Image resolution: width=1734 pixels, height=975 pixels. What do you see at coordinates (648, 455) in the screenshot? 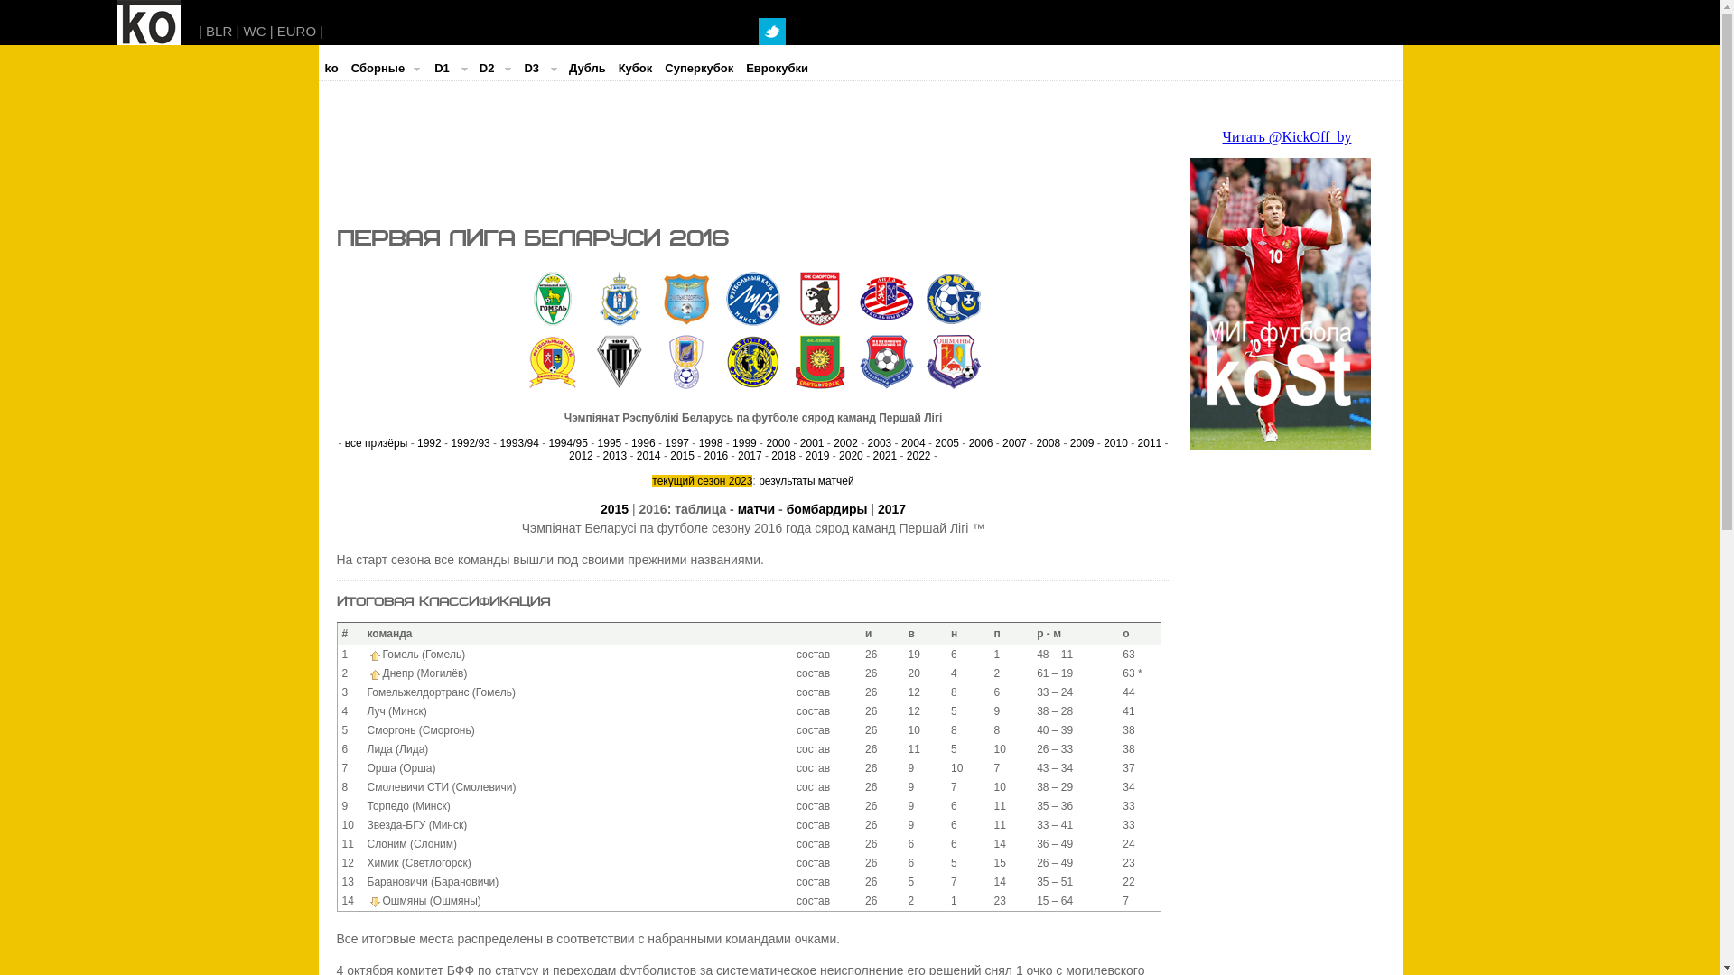
I see `'2014'` at bounding box center [648, 455].